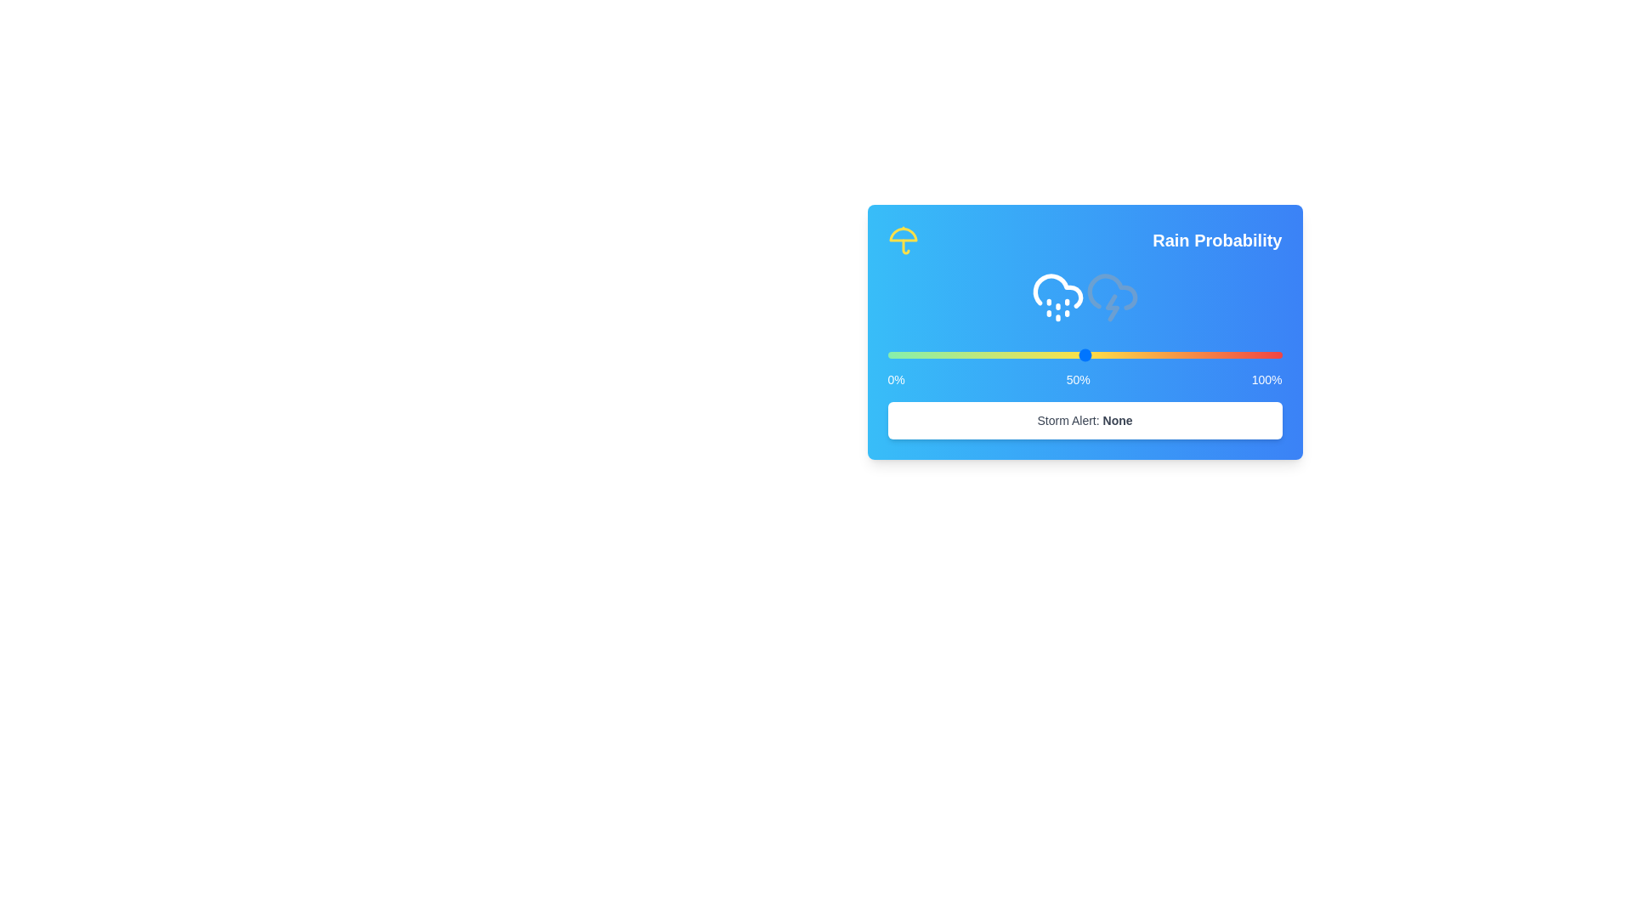  I want to click on the lightning cloud icon, so click(1112, 295).